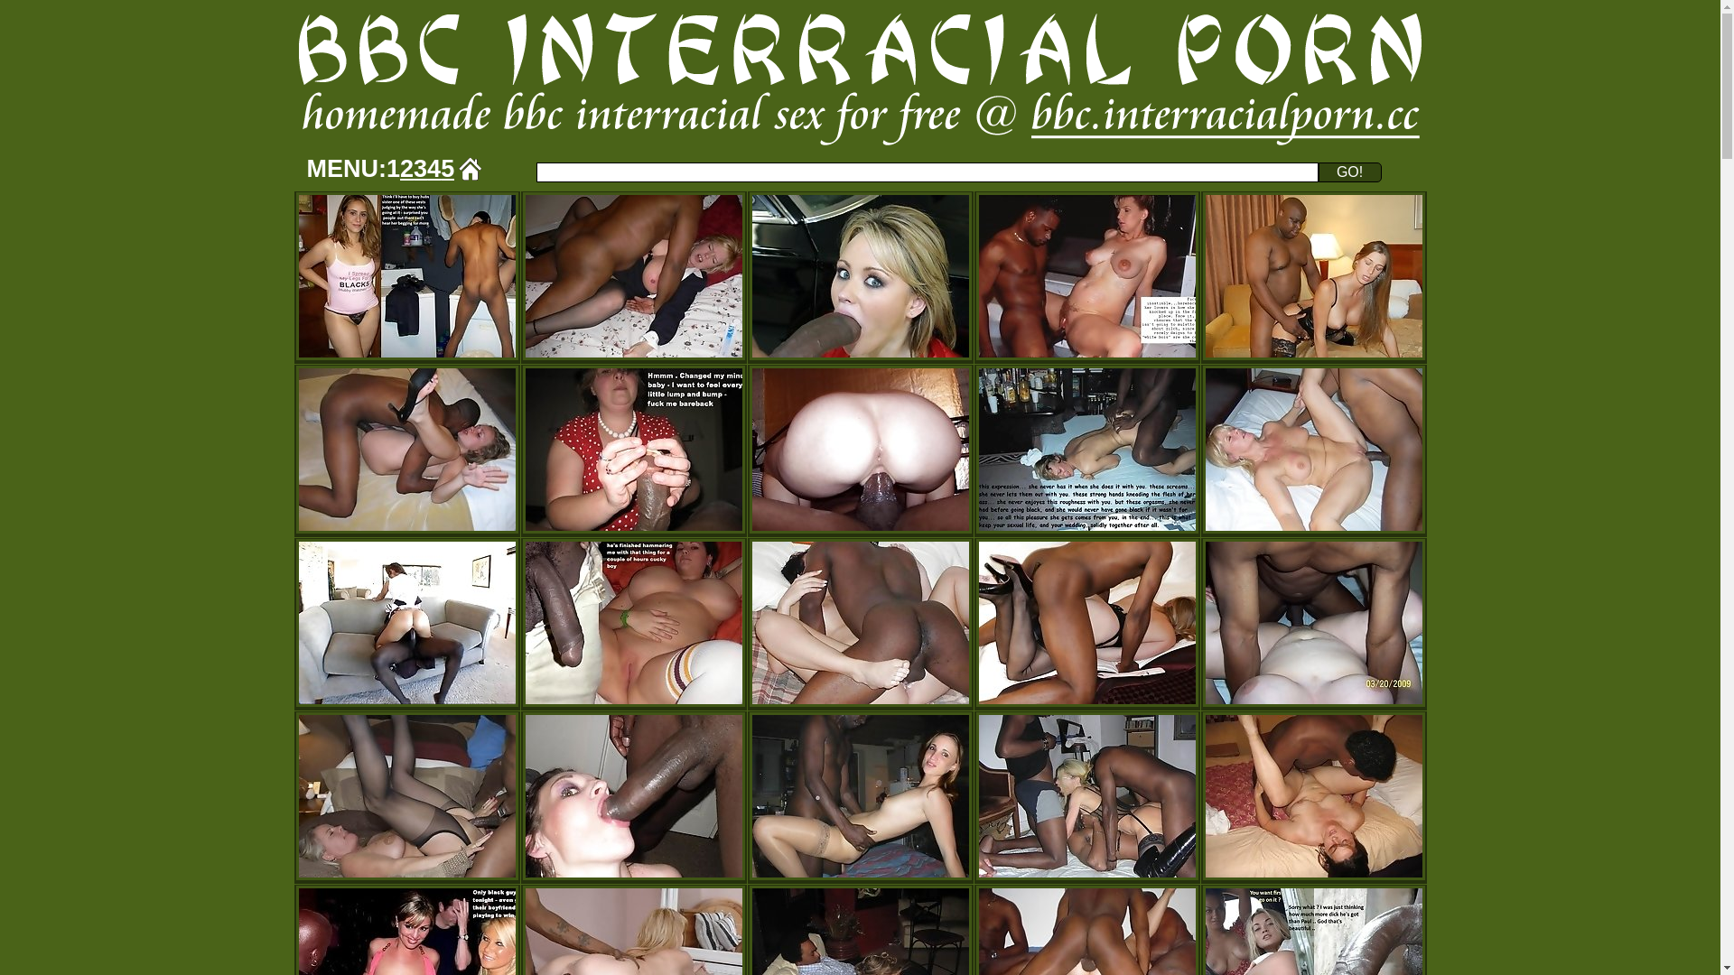 This screenshot has width=1734, height=975. I want to click on '2', so click(406, 168).